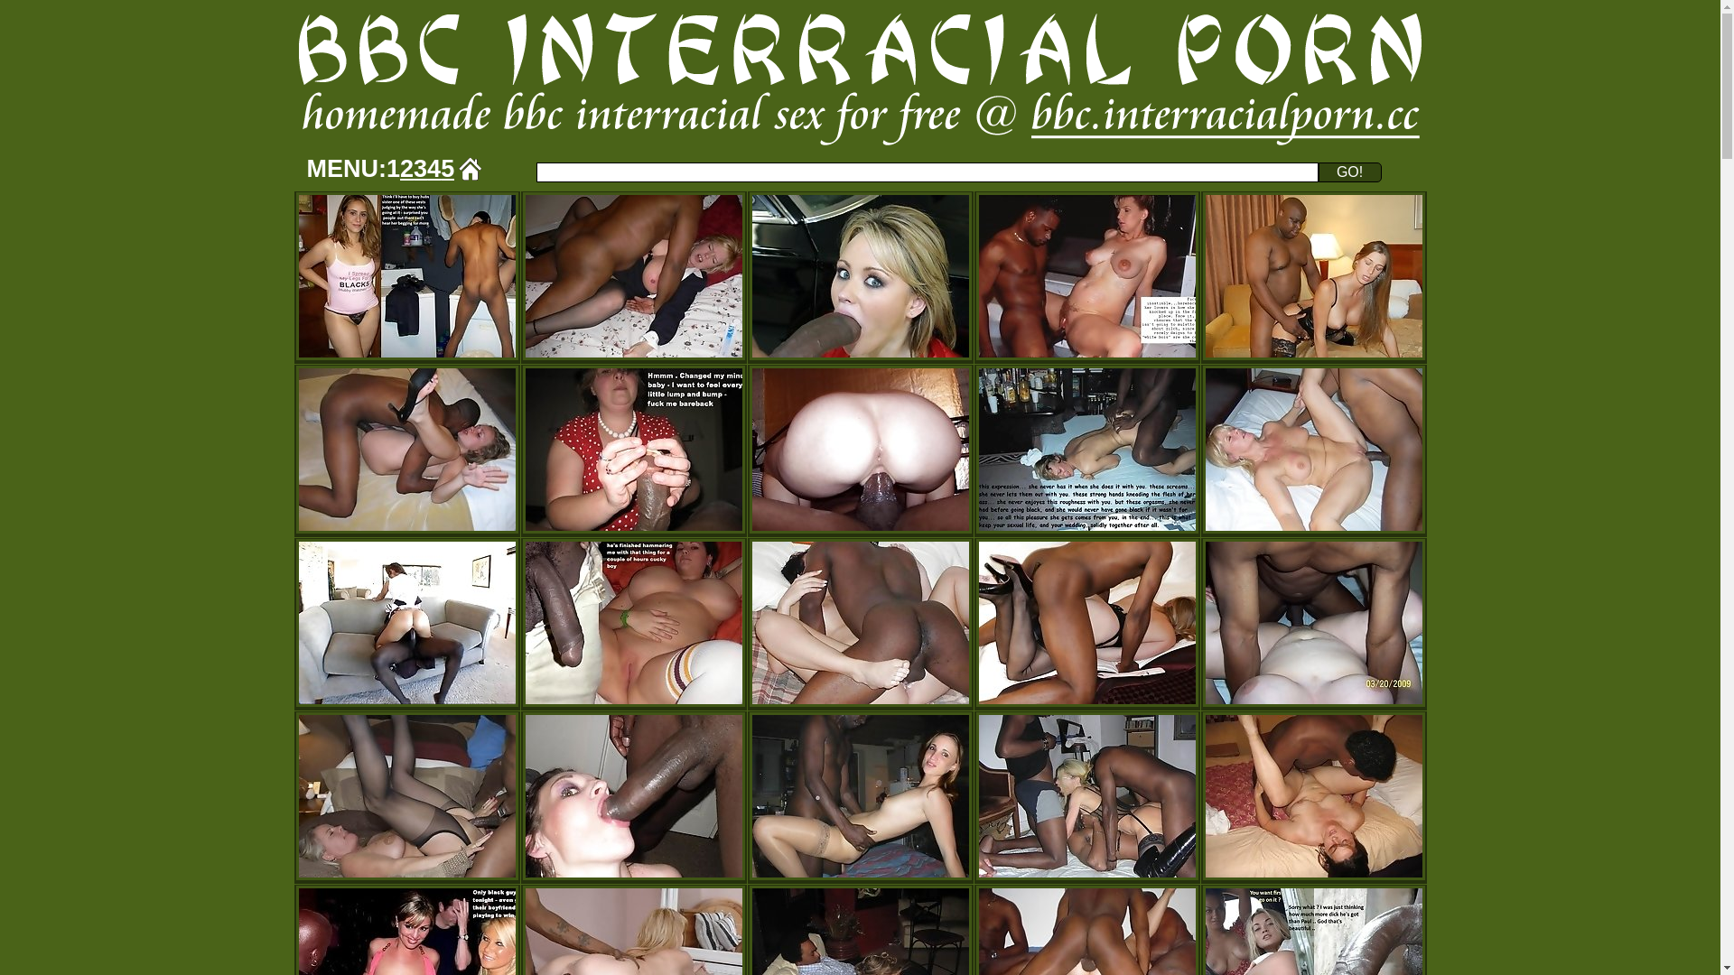 This screenshot has width=1734, height=975. I want to click on '2', so click(406, 168).